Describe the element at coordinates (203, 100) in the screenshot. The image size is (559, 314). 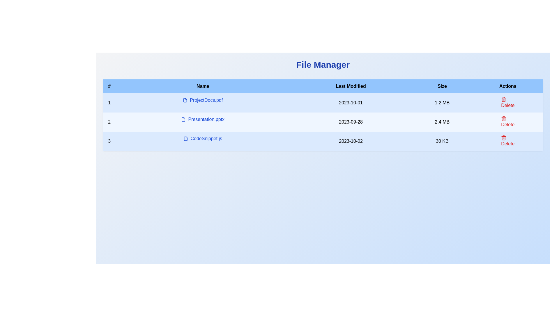
I see `the label displaying the file name 'ProjectDocs.pdf' located in the first row of the 'Name' column, positioned between the file icon and the 'Last Modified' column` at that location.